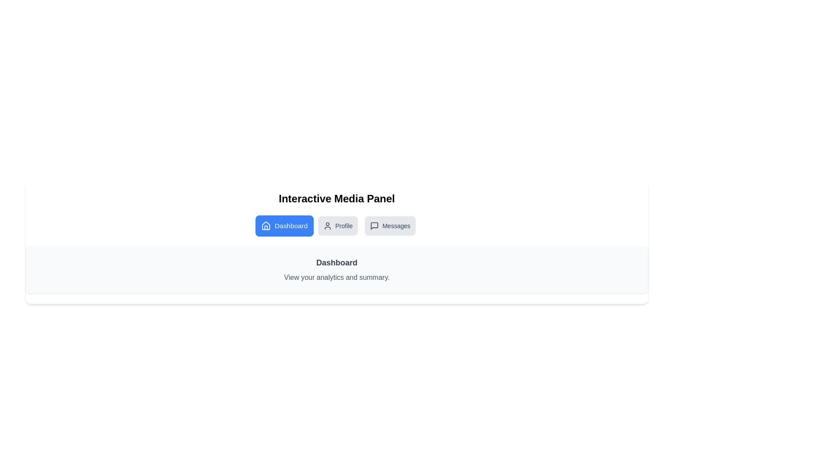 This screenshot has height=473, width=840. Describe the element at coordinates (337, 226) in the screenshot. I see `the button labeled Profile to switch tabs` at that location.